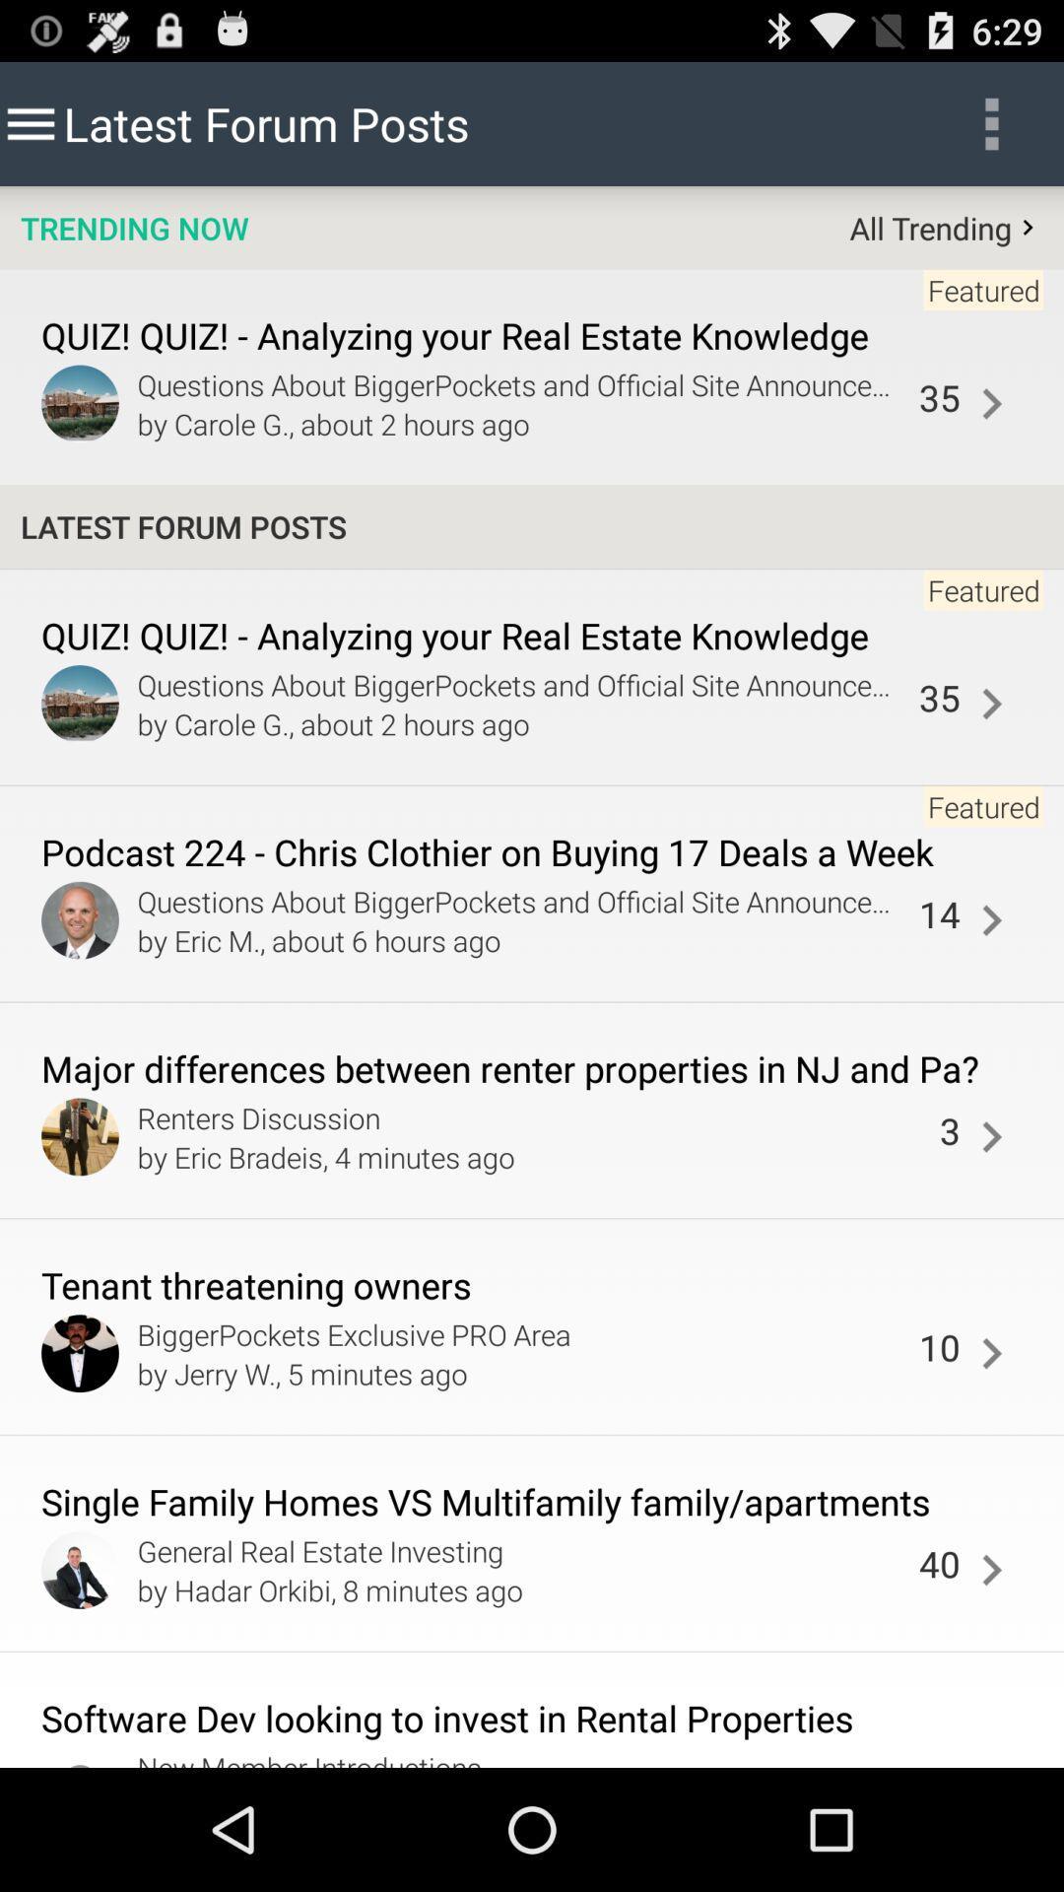 This screenshot has height=1892, width=1064. What do you see at coordinates (938, 912) in the screenshot?
I see `app above major differences between icon` at bounding box center [938, 912].